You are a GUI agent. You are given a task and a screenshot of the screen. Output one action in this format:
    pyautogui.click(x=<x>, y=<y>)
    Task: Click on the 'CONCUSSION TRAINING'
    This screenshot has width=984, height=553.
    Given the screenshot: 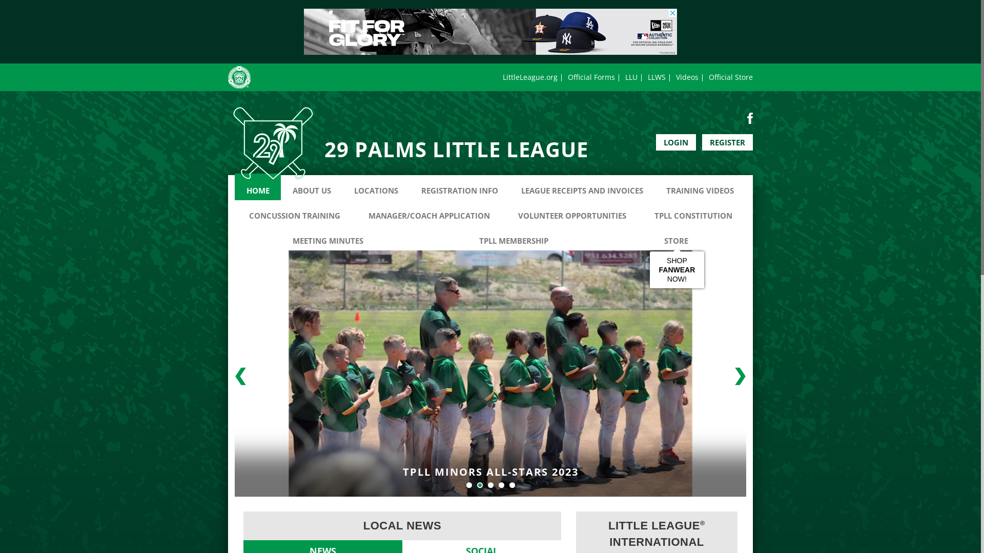 What is the action you would take?
    pyautogui.click(x=294, y=211)
    